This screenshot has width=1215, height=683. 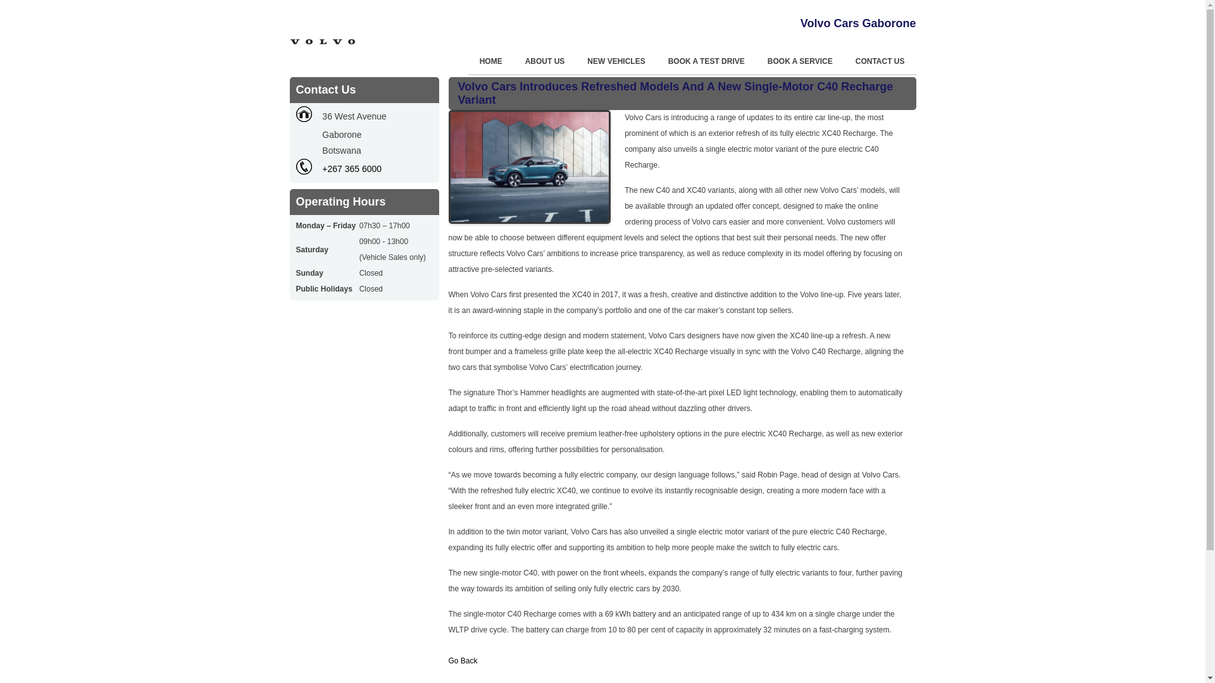 I want to click on 'NEW VEHICLES', so click(x=616, y=61).